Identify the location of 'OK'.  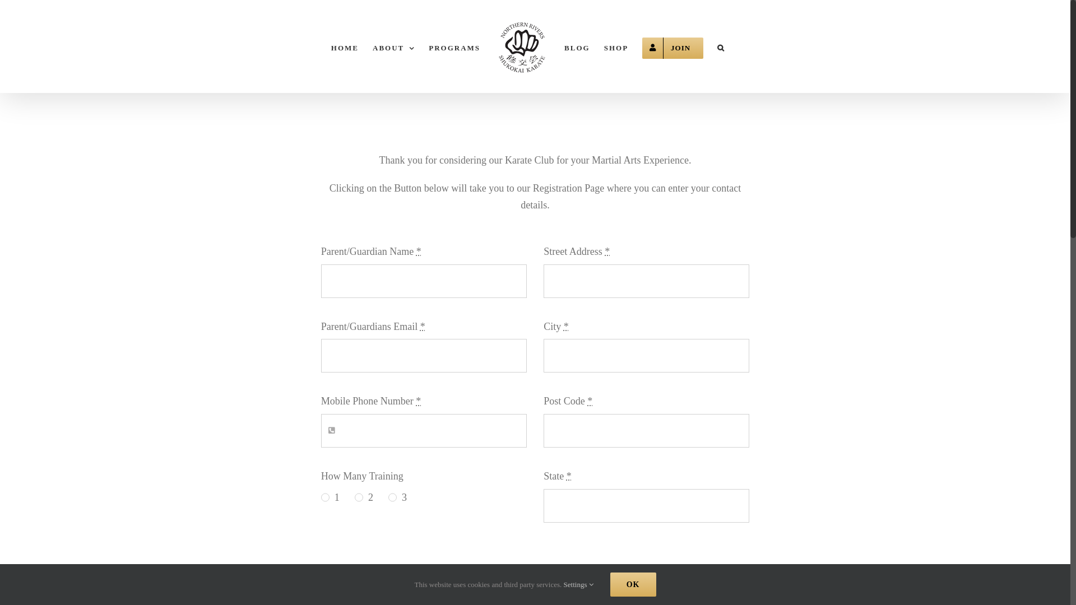
(633, 584).